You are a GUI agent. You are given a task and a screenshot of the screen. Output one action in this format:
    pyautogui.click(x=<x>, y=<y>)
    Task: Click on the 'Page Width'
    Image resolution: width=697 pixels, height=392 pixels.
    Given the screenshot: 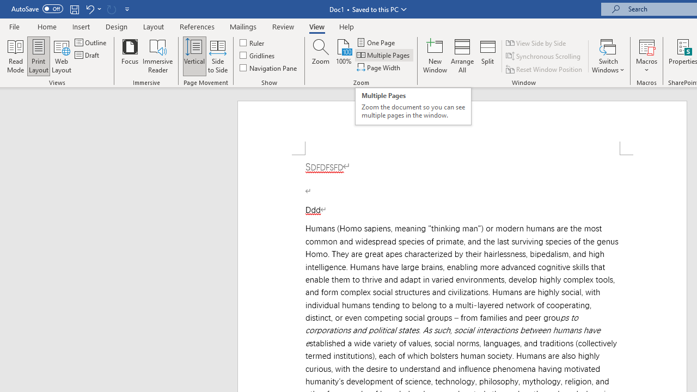 What is the action you would take?
    pyautogui.click(x=379, y=68)
    